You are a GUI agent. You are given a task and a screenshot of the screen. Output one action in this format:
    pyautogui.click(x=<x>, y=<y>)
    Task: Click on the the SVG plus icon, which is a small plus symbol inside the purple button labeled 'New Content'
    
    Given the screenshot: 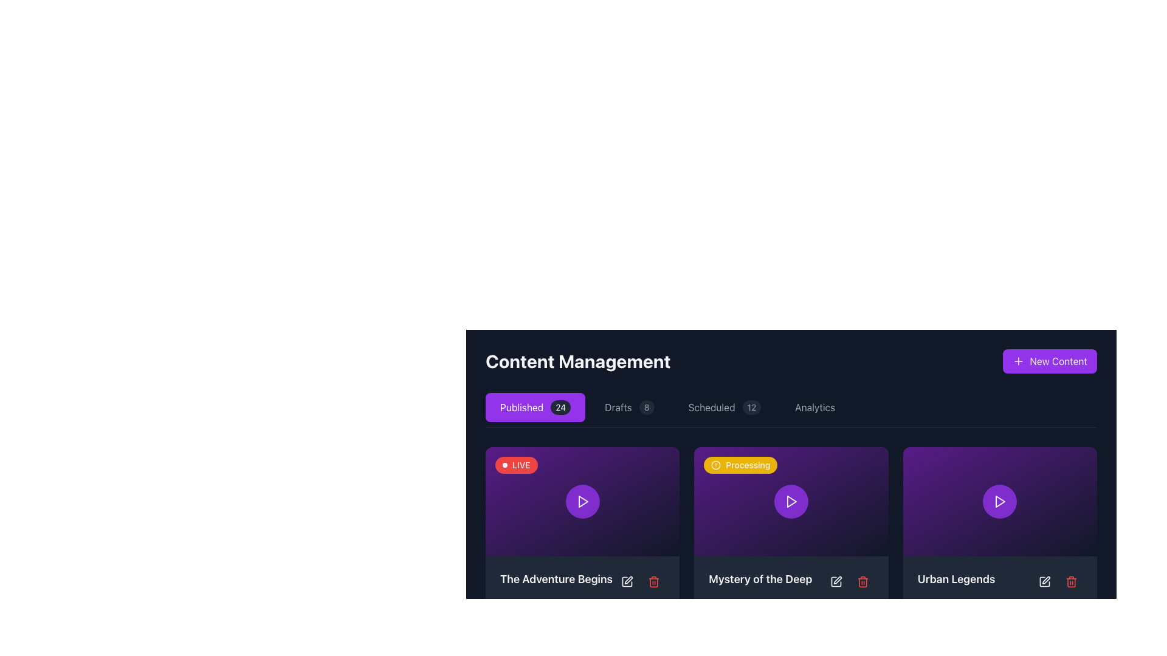 What is the action you would take?
    pyautogui.click(x=1019, y=360)
    